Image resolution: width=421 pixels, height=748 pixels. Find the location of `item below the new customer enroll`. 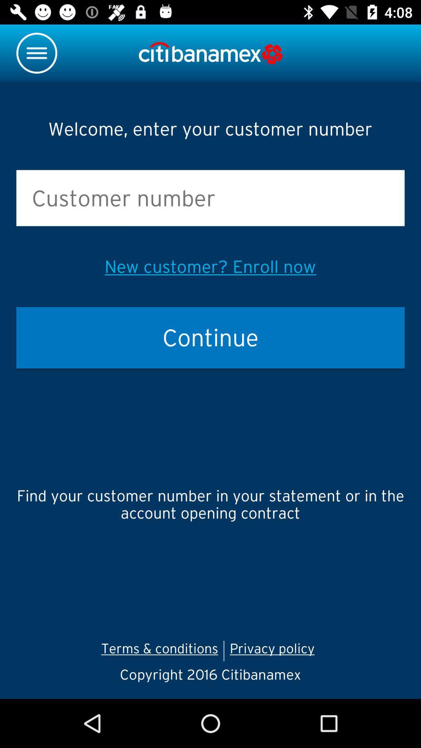

item below the new customer enroll is located at coordinates (210, 338).